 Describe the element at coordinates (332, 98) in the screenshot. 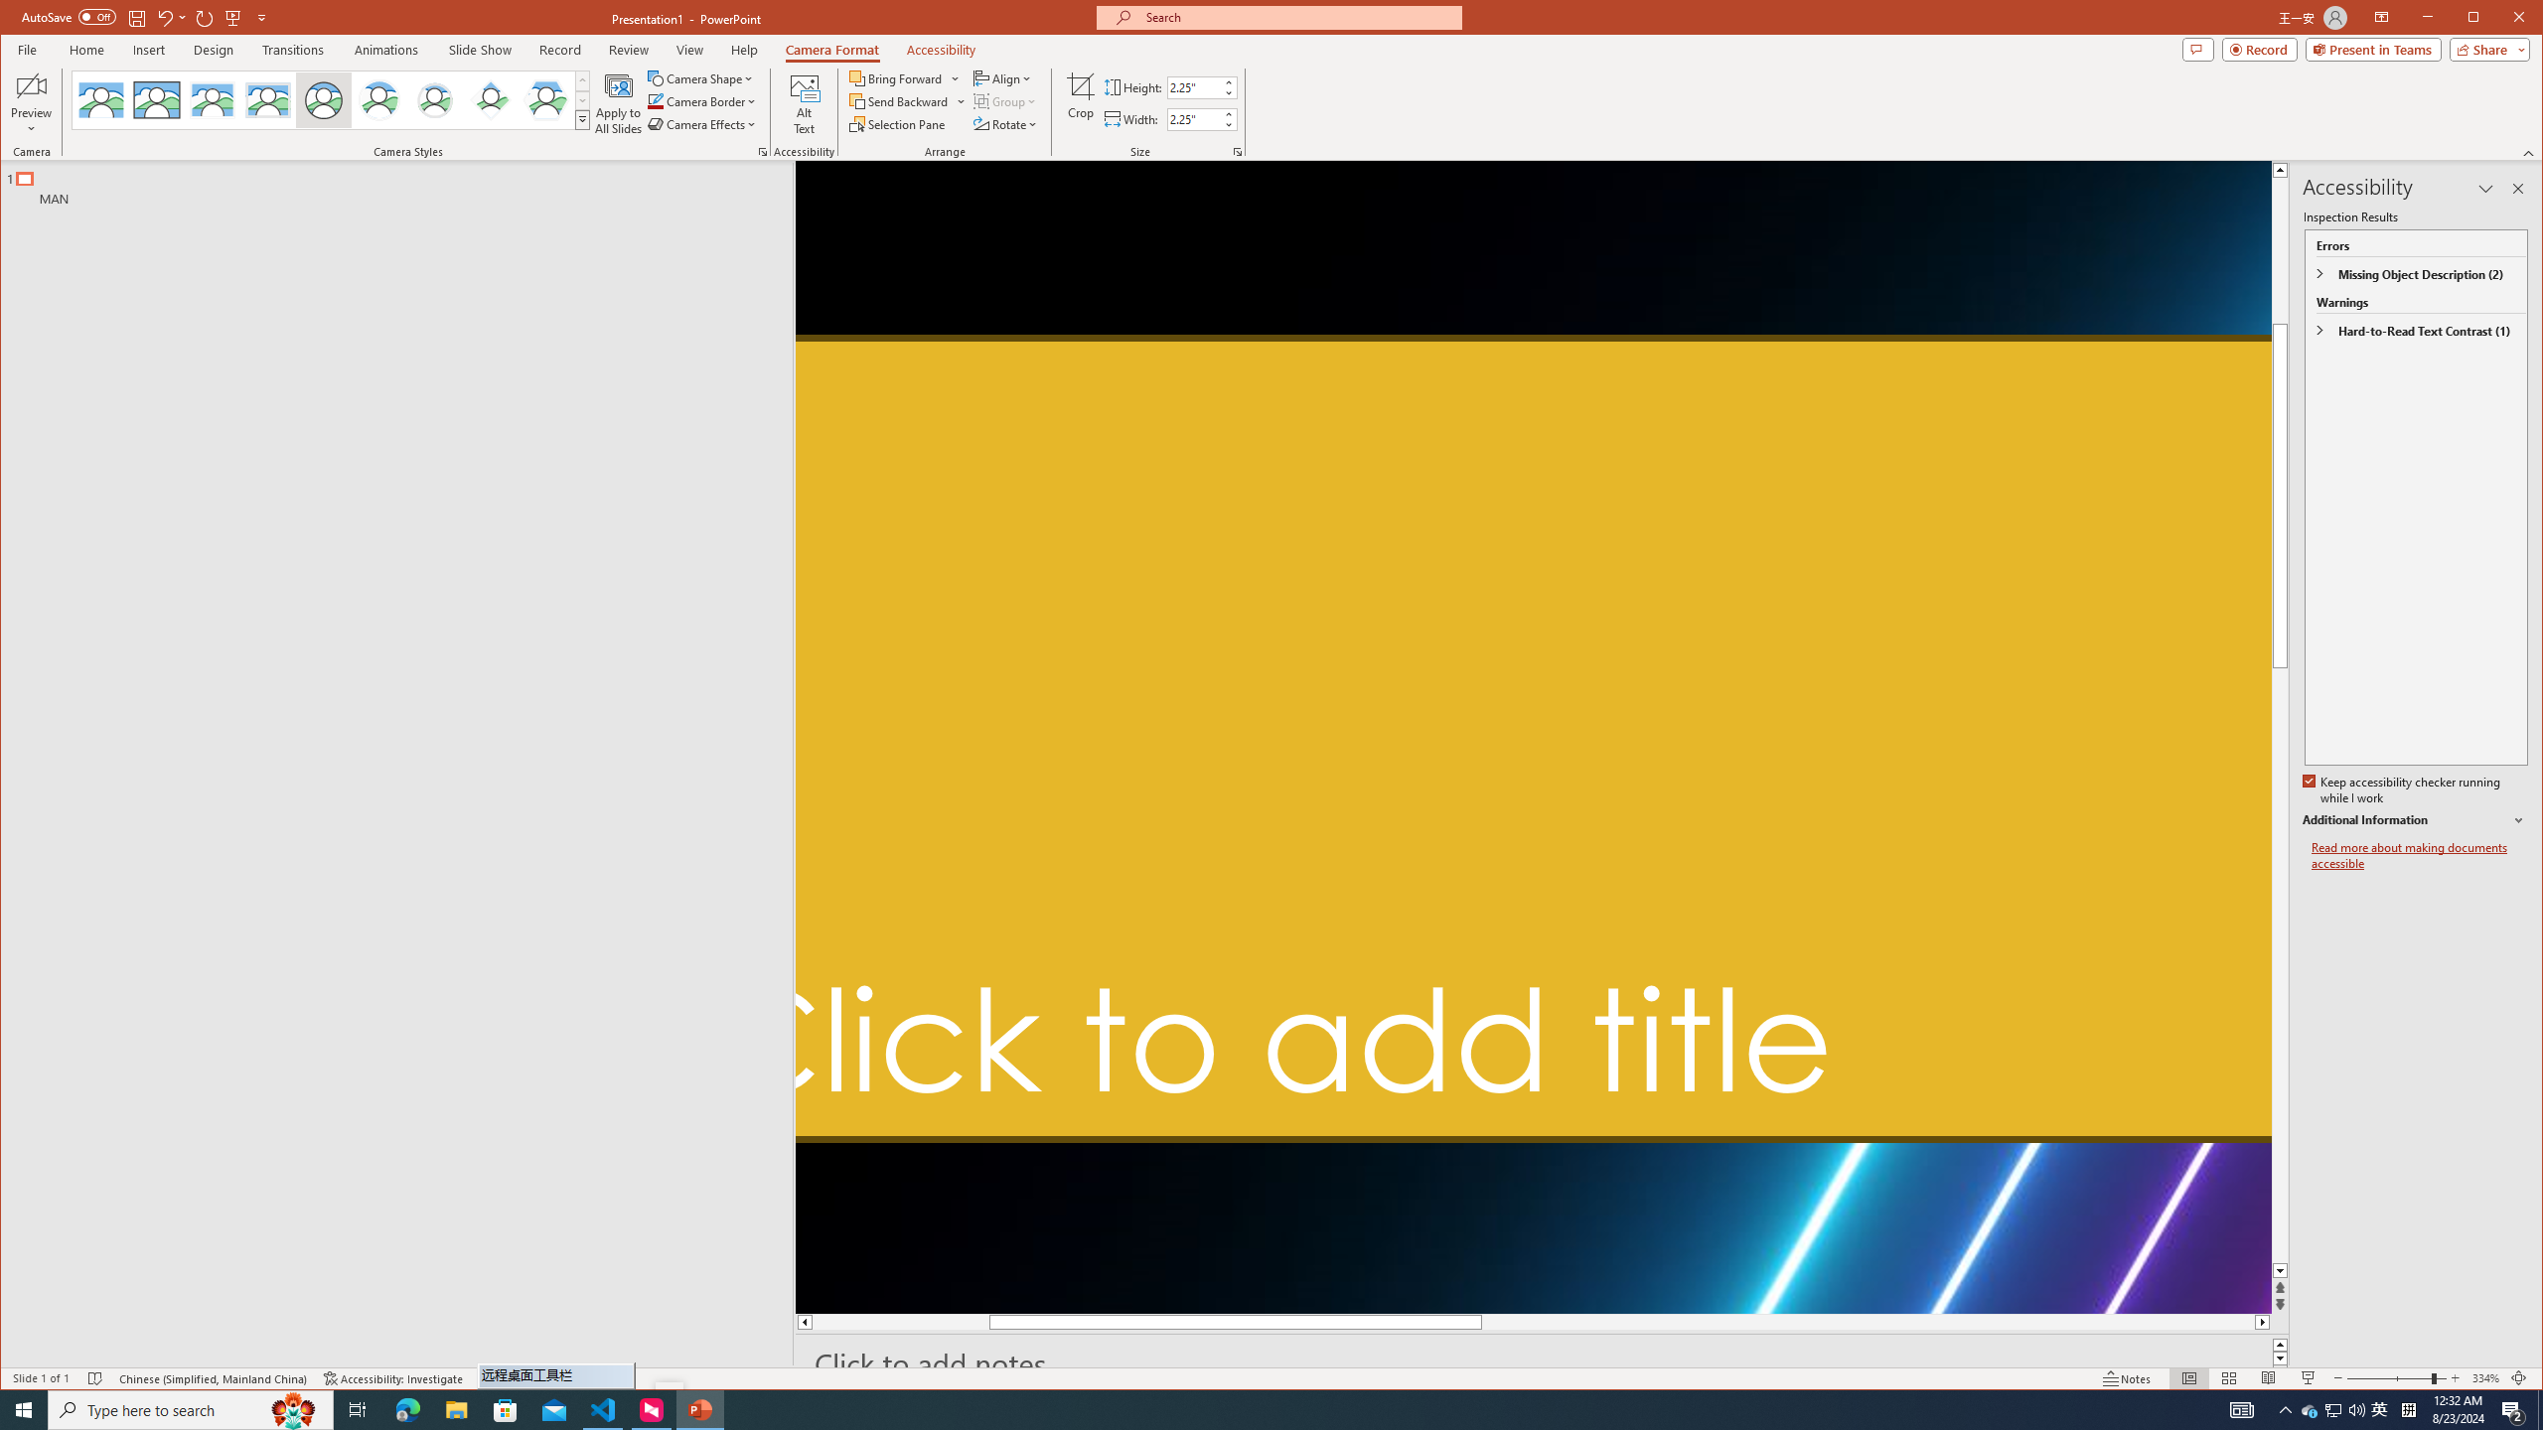

I see `'AutomationID: CameoStylesGallery'` at that location.